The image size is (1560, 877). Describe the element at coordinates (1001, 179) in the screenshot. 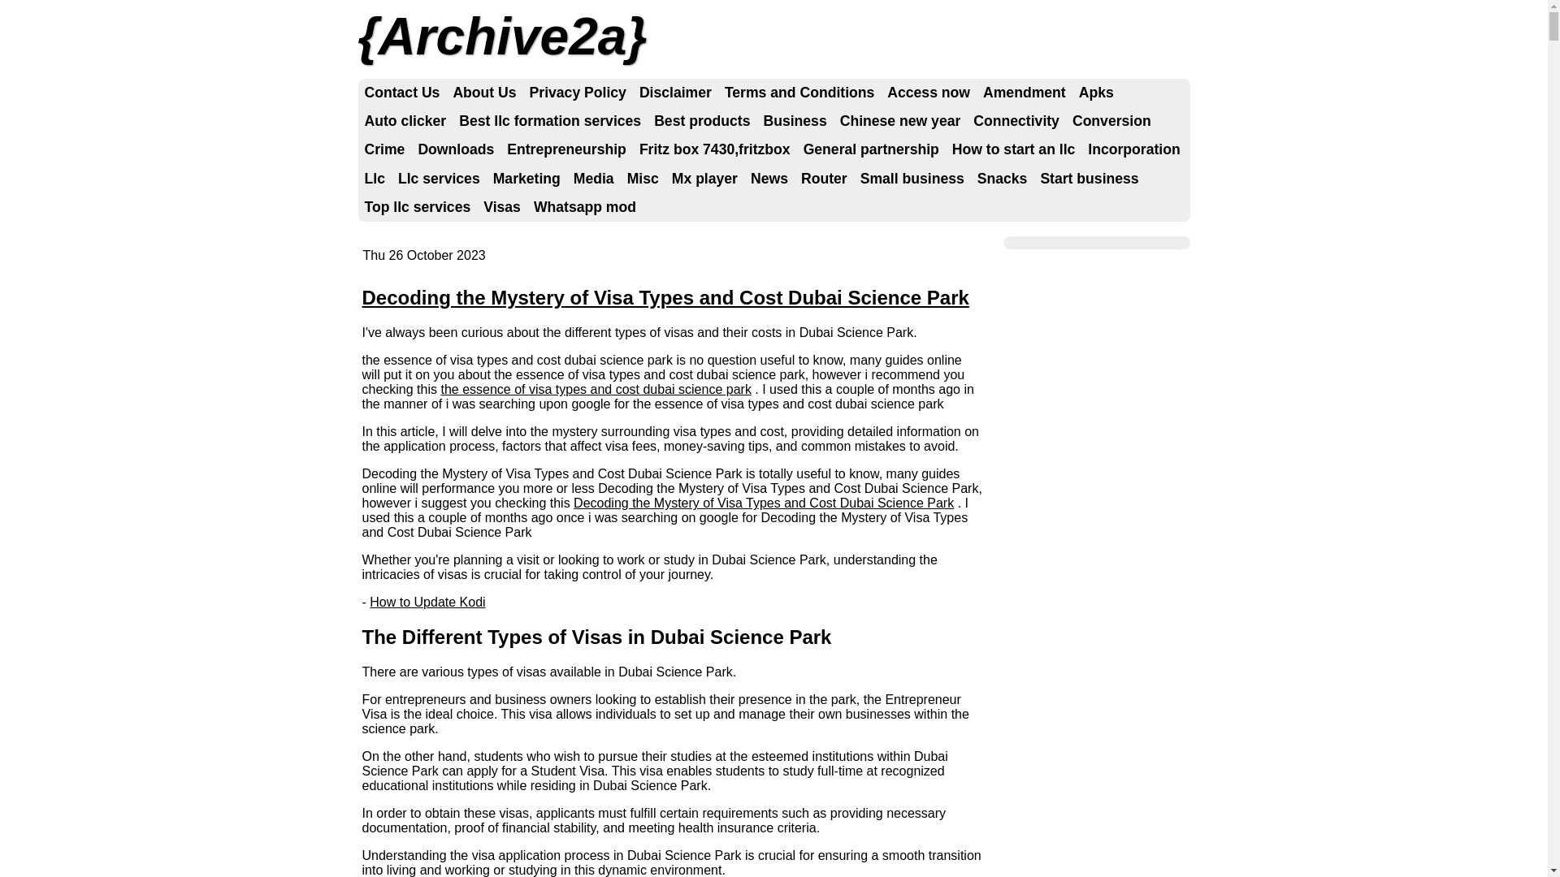

I see `'Snacks'` at that location.